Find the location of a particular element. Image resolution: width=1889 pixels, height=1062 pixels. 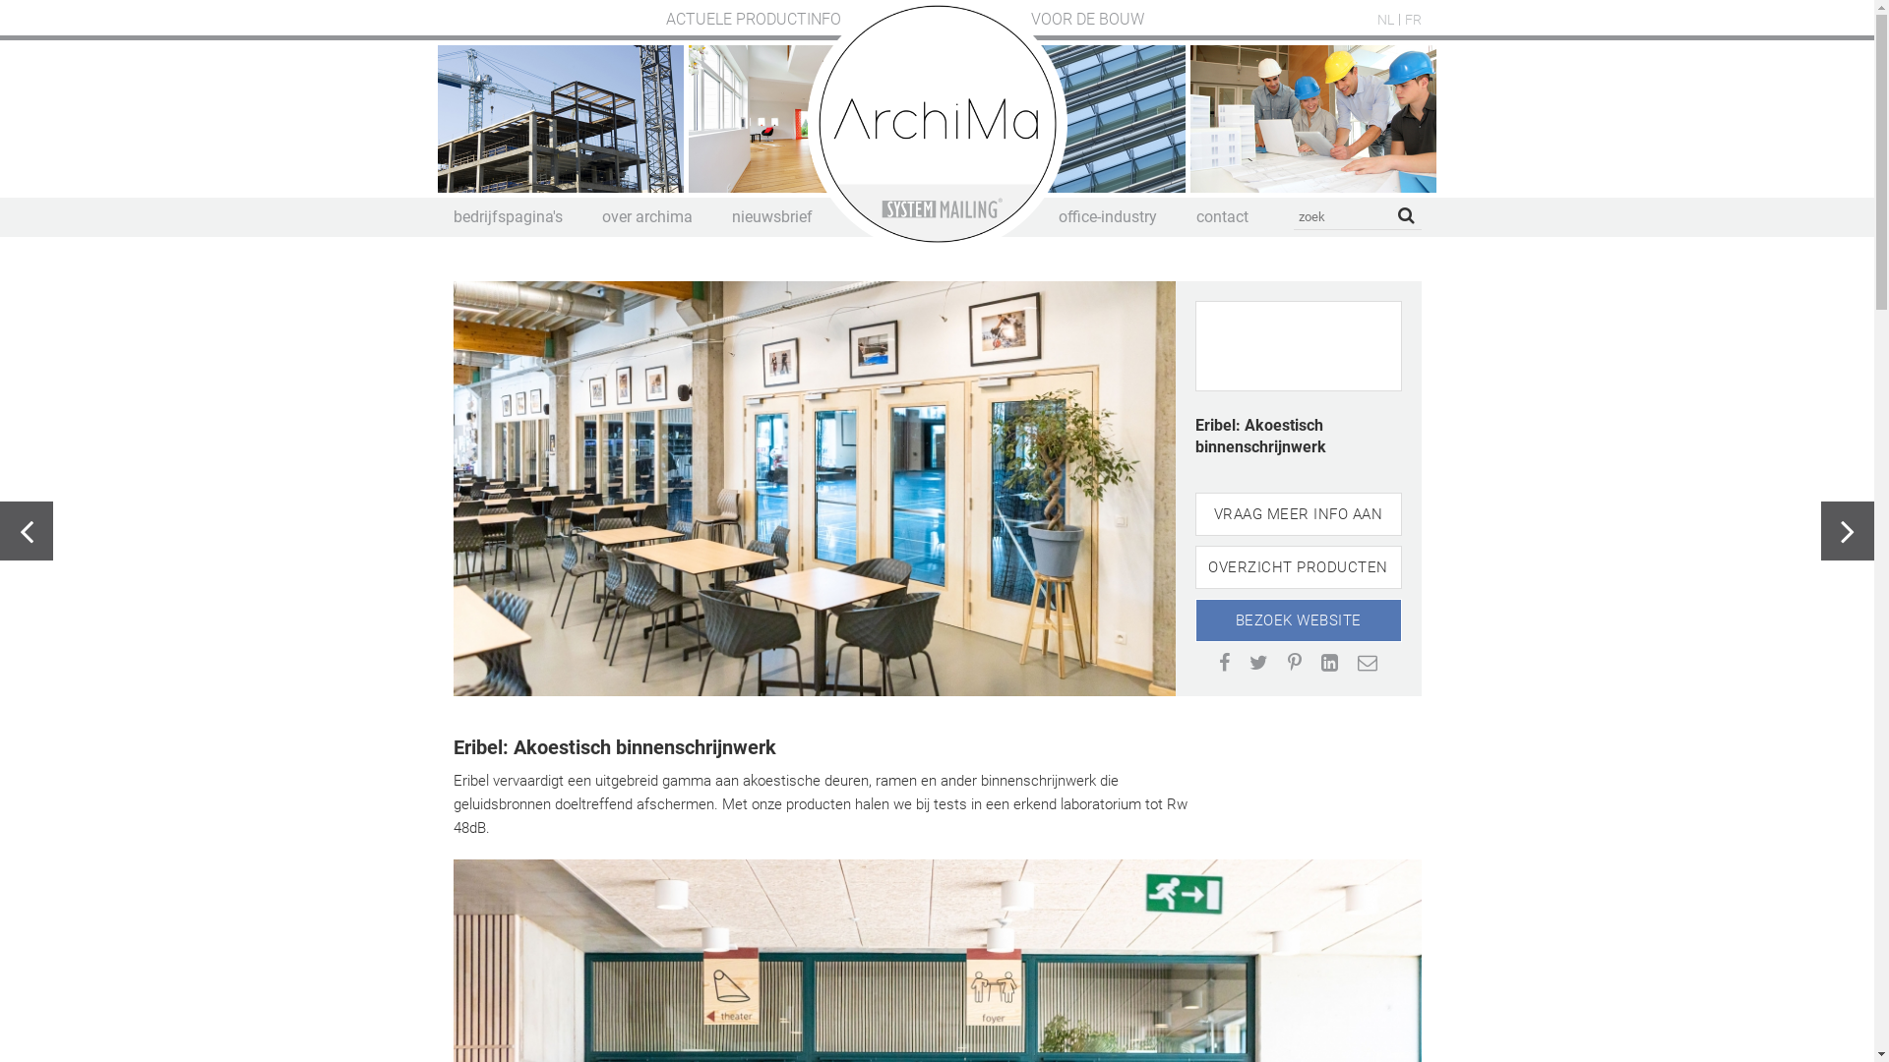

'contact' is located at coordinates (1221, 216).